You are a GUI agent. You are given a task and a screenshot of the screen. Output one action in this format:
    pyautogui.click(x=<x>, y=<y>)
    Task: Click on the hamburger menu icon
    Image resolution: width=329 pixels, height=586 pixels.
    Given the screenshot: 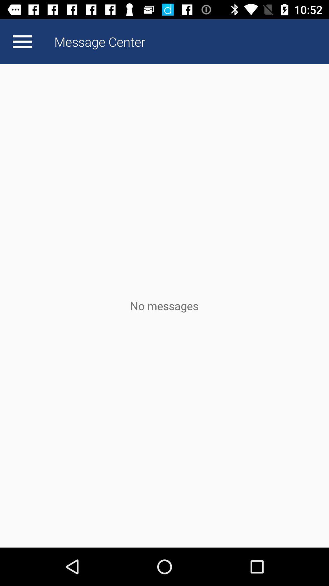 What is the action you would take?
    pyautogui.click(x=22, y=41)
    